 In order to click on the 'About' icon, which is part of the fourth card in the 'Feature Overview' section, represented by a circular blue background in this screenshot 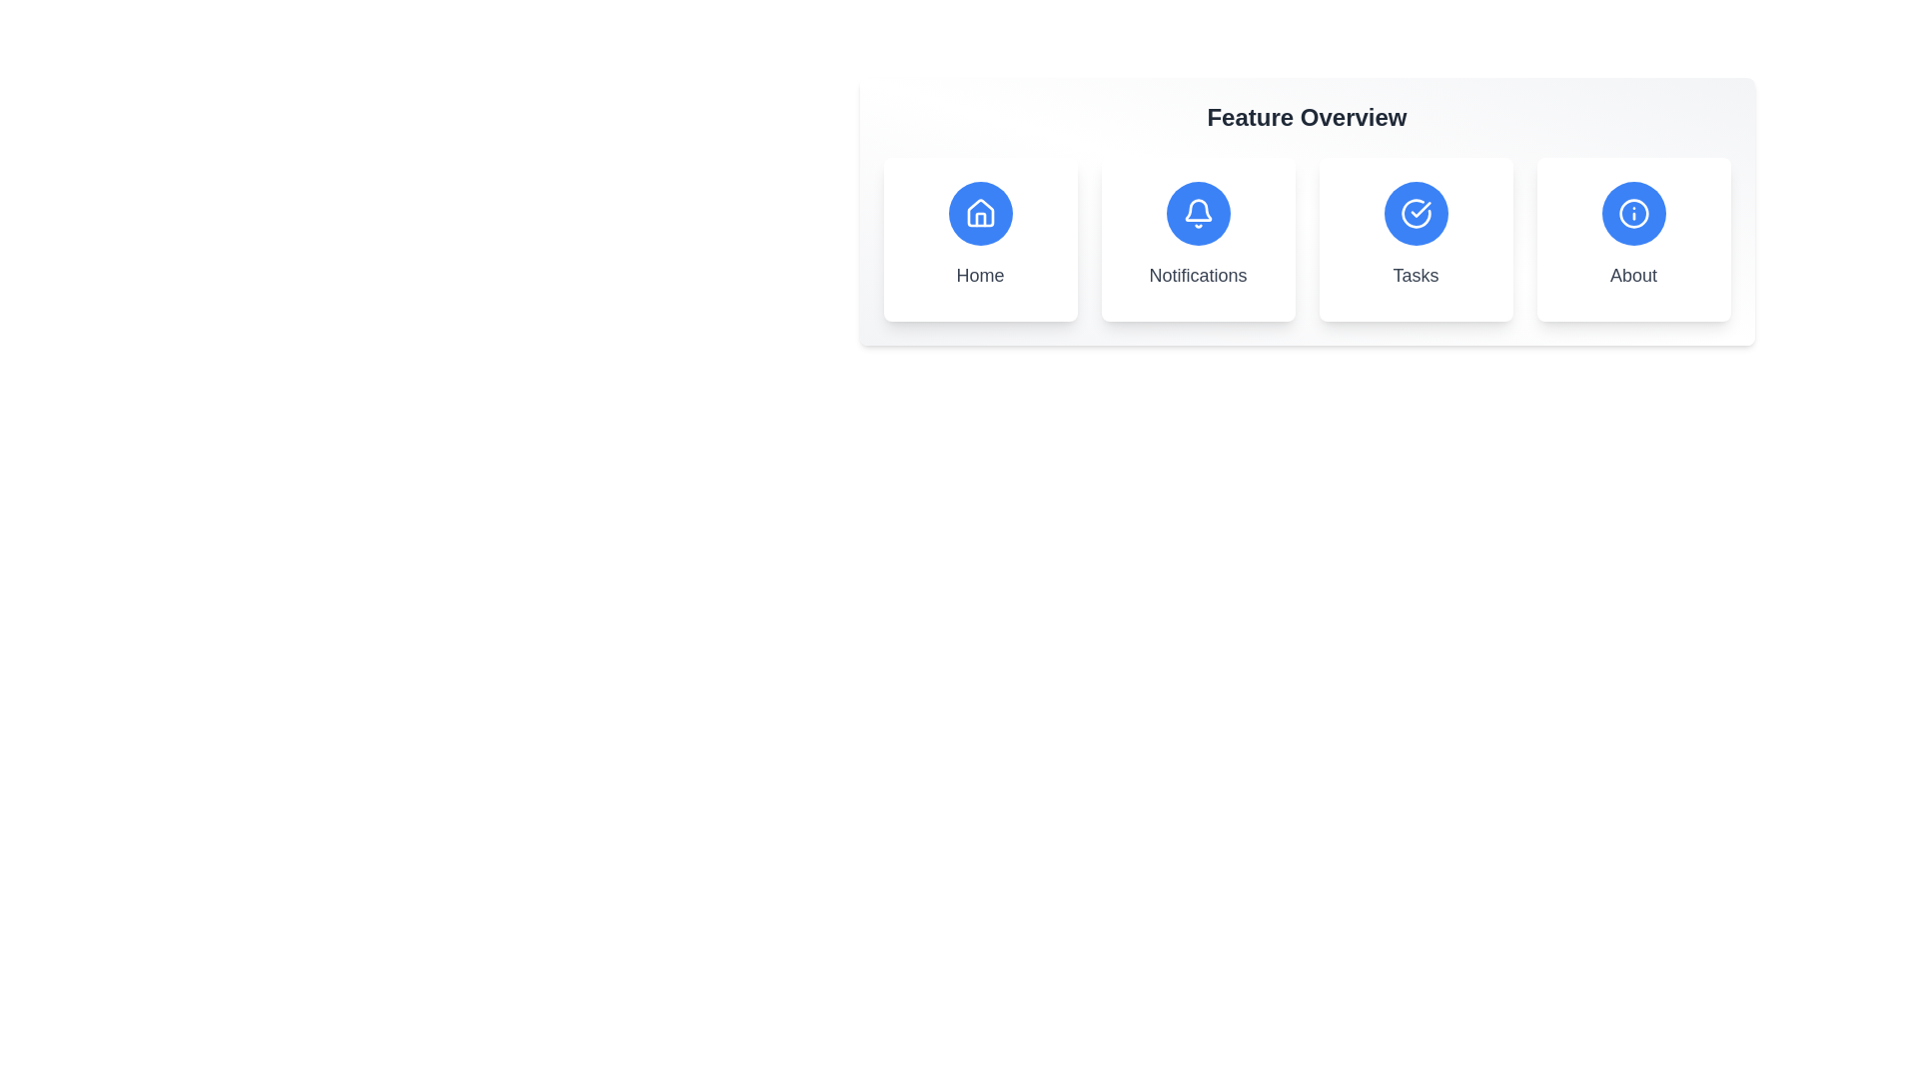, I will do `click(1633, 213)`.